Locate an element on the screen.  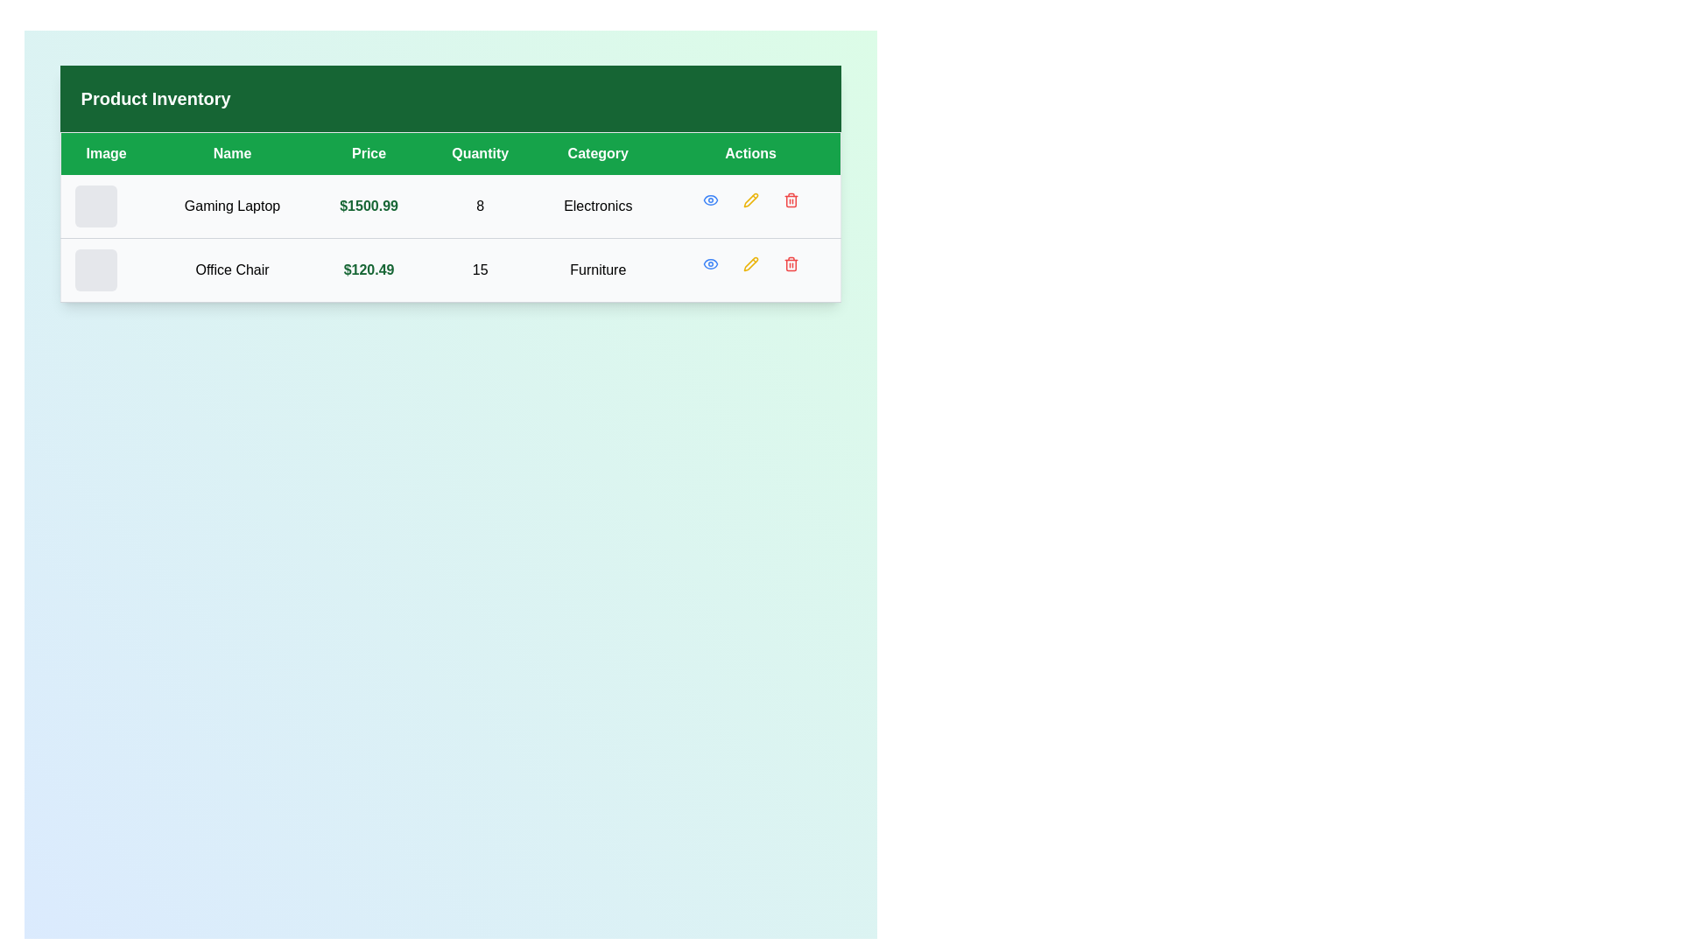
the Trash bin icon located at the far right within the 'Actions' column of the first row in the table is located at coordinates (790, 199).